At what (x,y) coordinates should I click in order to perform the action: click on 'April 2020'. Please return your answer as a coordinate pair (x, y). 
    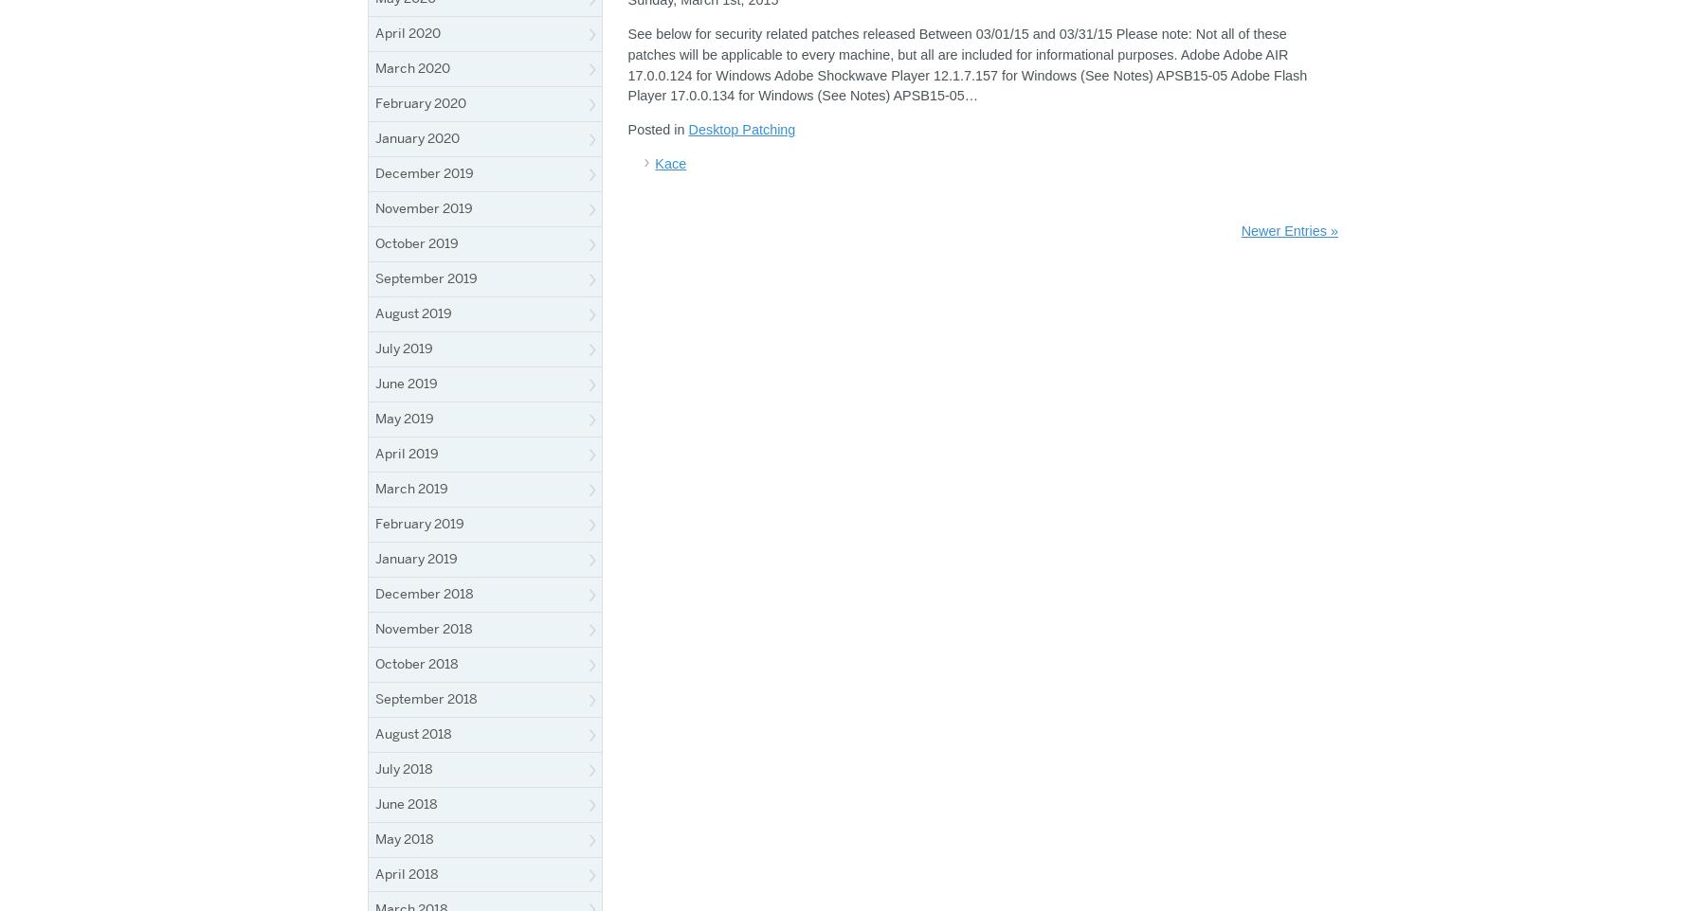
    Looking at the image, I should click on (375, 32).